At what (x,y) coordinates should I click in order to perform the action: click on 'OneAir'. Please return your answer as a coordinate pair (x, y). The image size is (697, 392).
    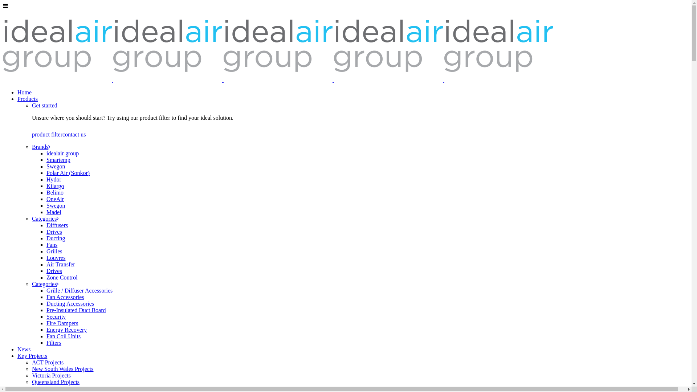
    Looking at the image, I should click on (55, 199).